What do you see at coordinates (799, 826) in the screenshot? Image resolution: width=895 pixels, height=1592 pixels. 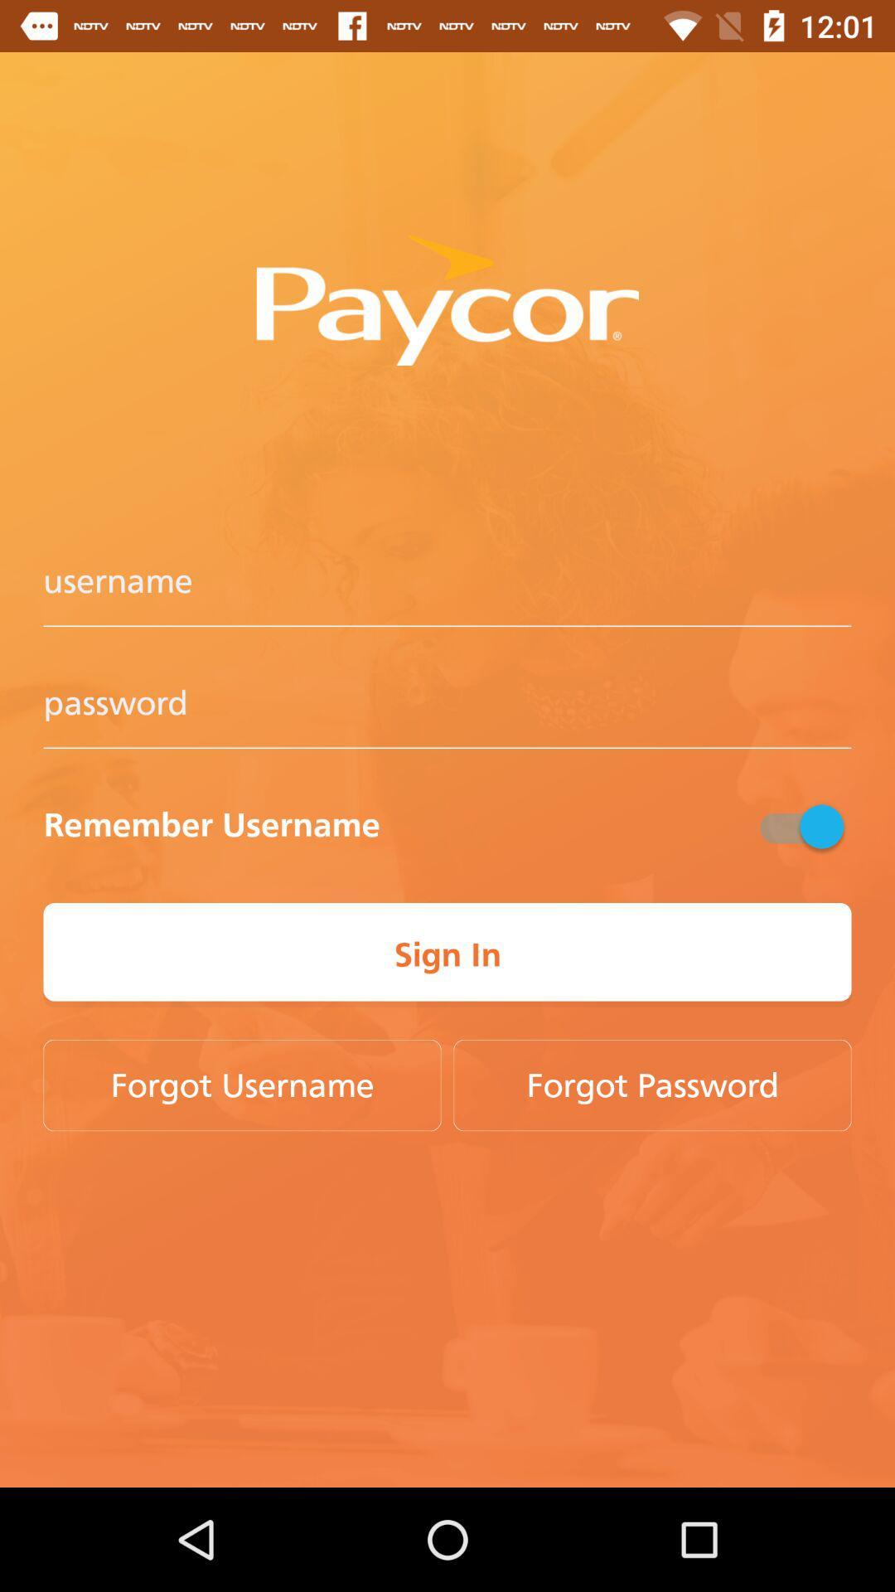 I see `the icon to the right of remember username icon` at bounding box center [799, 826].